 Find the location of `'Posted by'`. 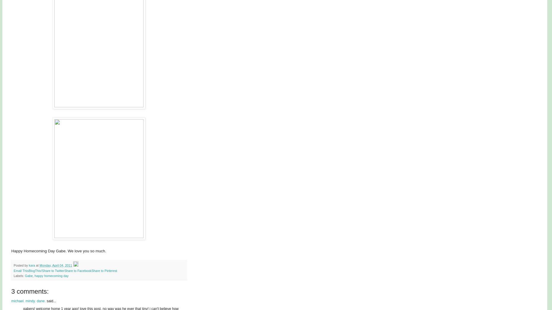

'Posted by' is located at coordinates (21, 265).